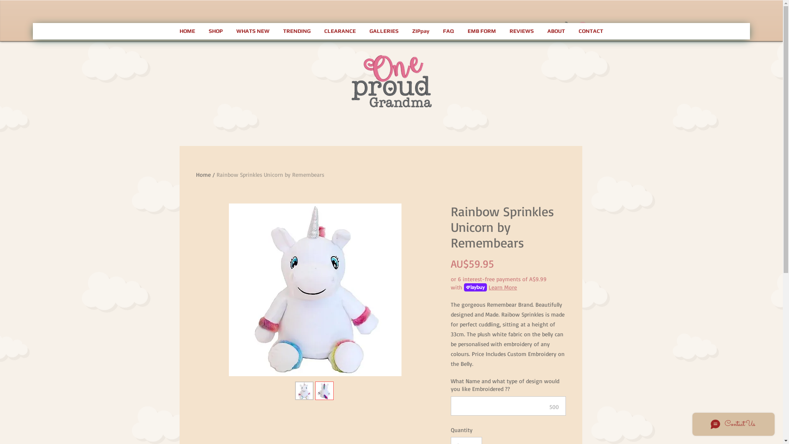 The height and width of the screenshot is (444, 789). What do you see at coordinates (339, 31) in the screenshot?
I see `'CLEARANCE'` at bounding box center [339, 31].